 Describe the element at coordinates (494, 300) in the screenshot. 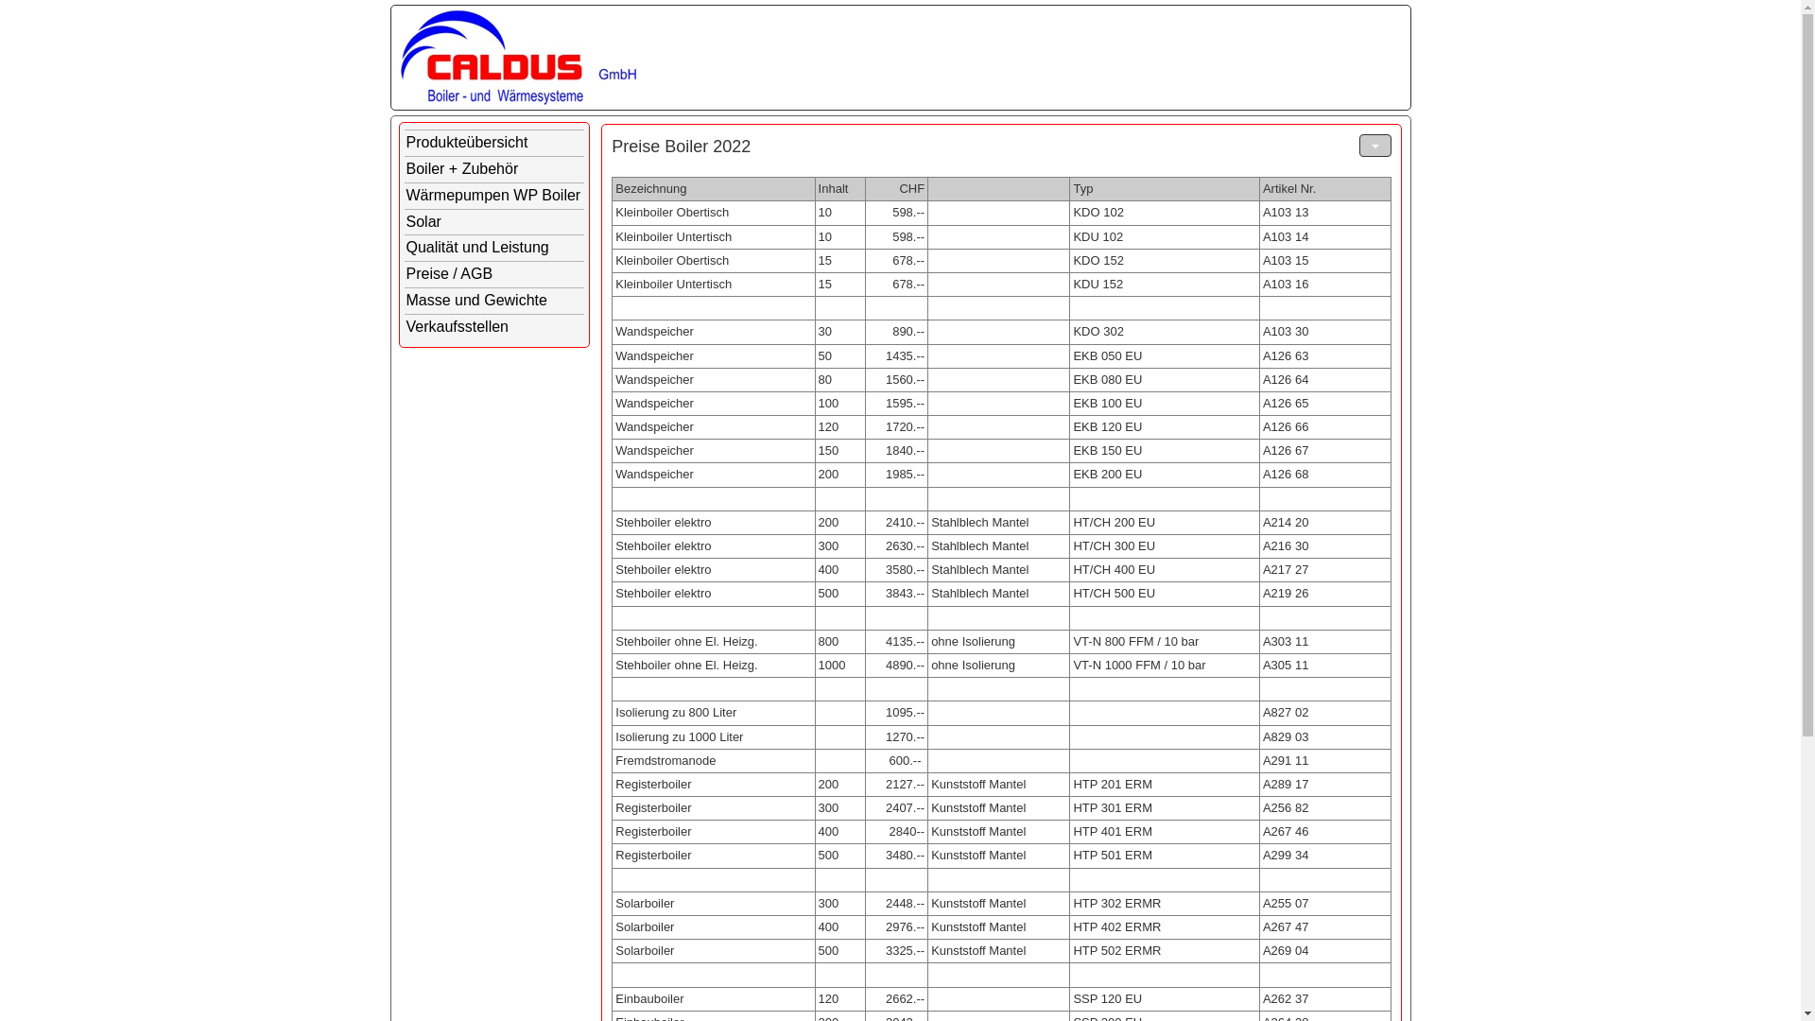

I see `'Masse und Gewichte'` at that location.